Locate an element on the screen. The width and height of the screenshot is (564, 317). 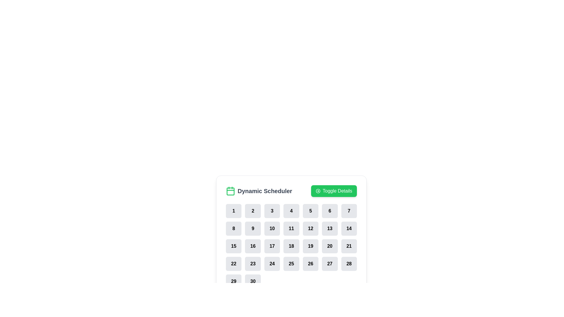
the button that represents the number 9 in the second row and second column of the grid is located at coordinates (253, 228).